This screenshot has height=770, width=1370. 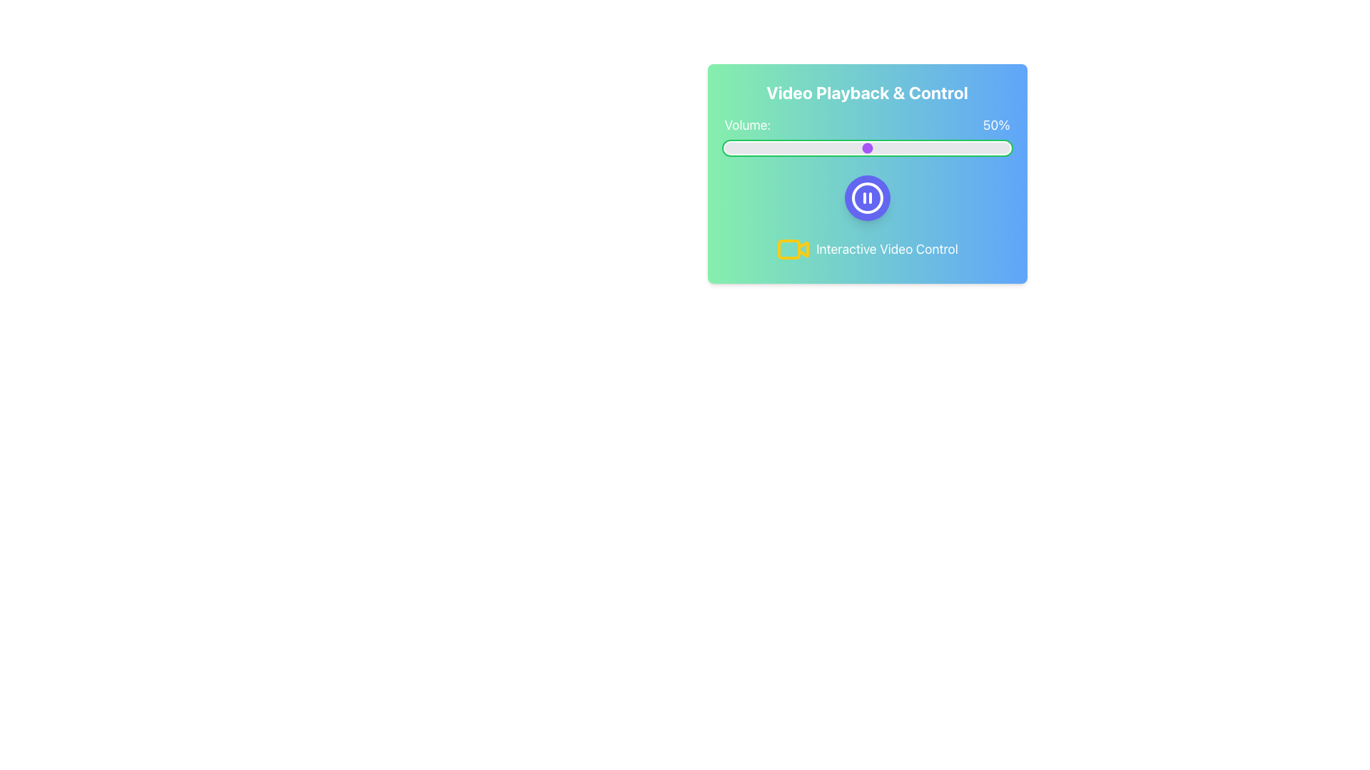 I want to click on the volume, so click(x=744, y=148).